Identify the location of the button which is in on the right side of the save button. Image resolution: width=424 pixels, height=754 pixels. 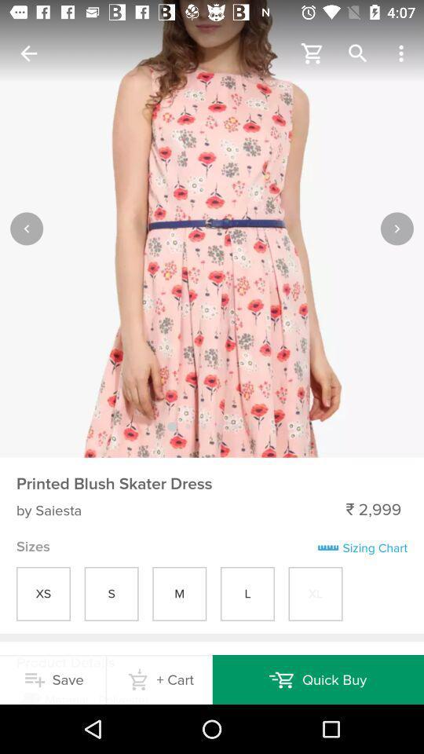
(159, 679).